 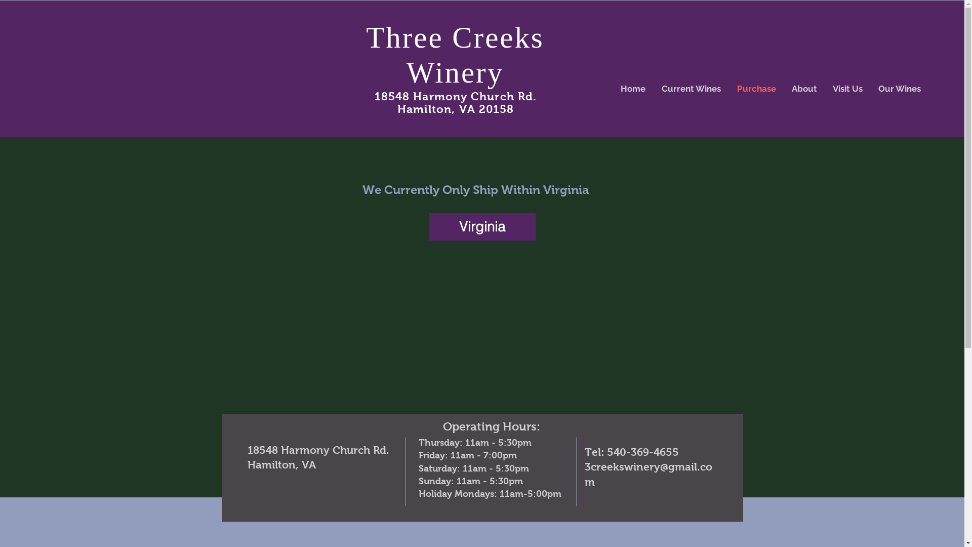 What do you see at coordinates (632, 88) in the screenshot?
I see `'Home'` at bounding box center [632, 88].